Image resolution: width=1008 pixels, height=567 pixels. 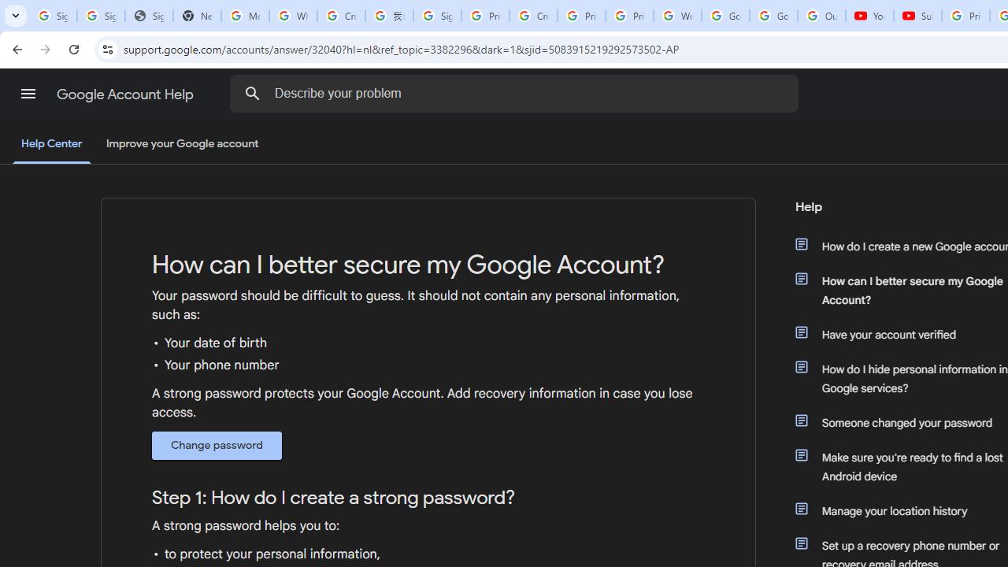 I want to click on 'Google Account Help', so click(x=126, y=94).